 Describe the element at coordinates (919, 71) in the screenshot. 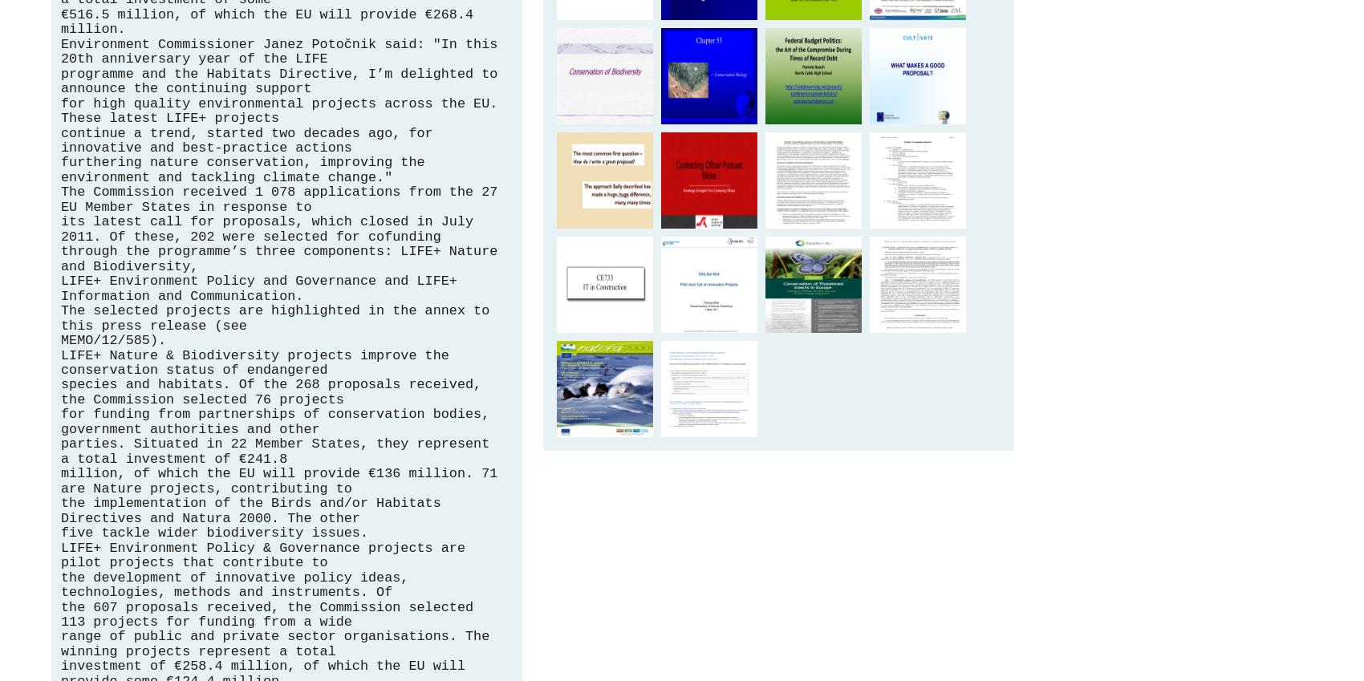

I see `'what makes a good proposal?'` at that location.